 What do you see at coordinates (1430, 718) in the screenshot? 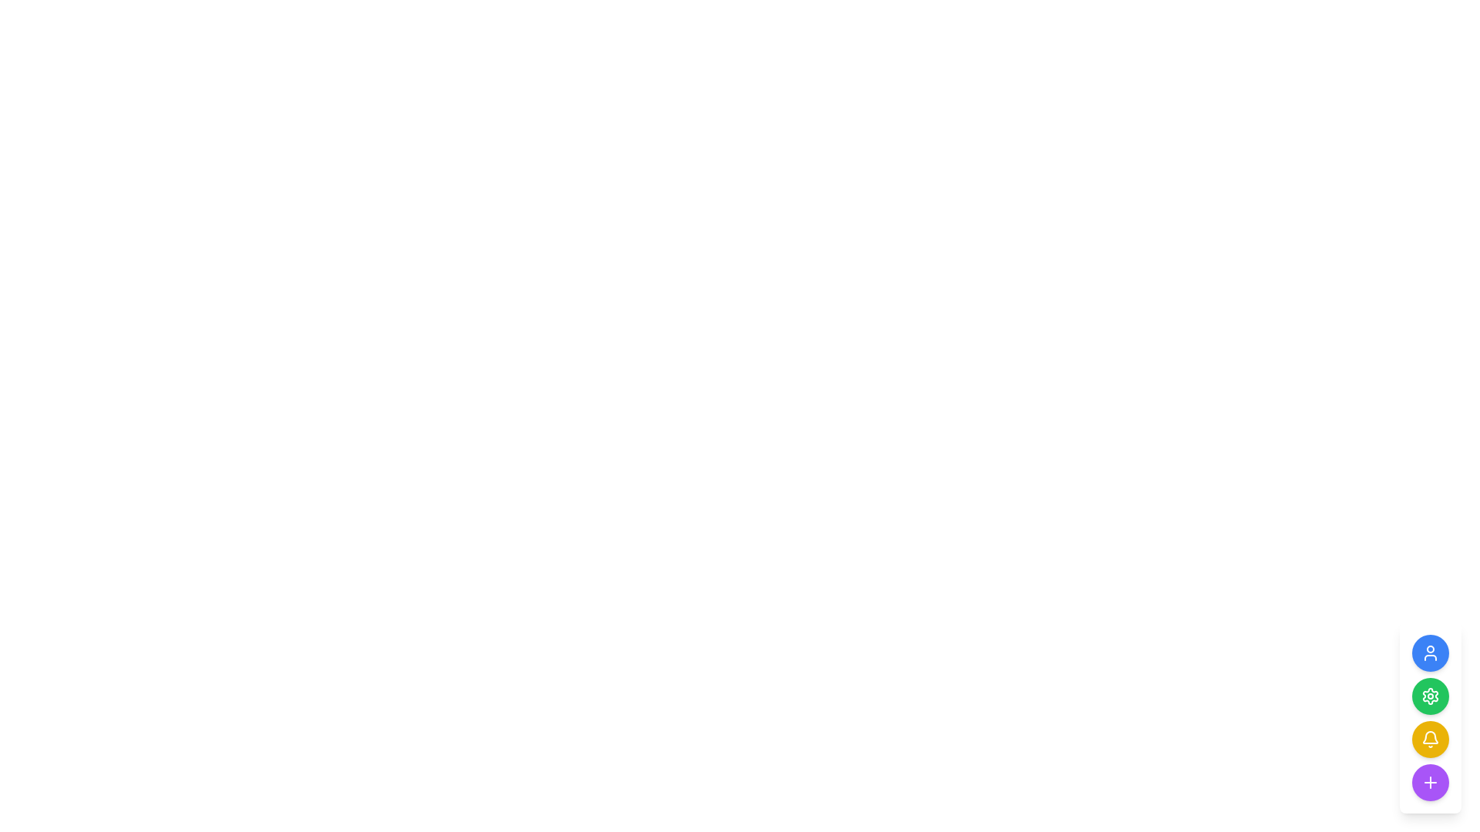
I see `the third circular button` at bounding box center [1430, 718].